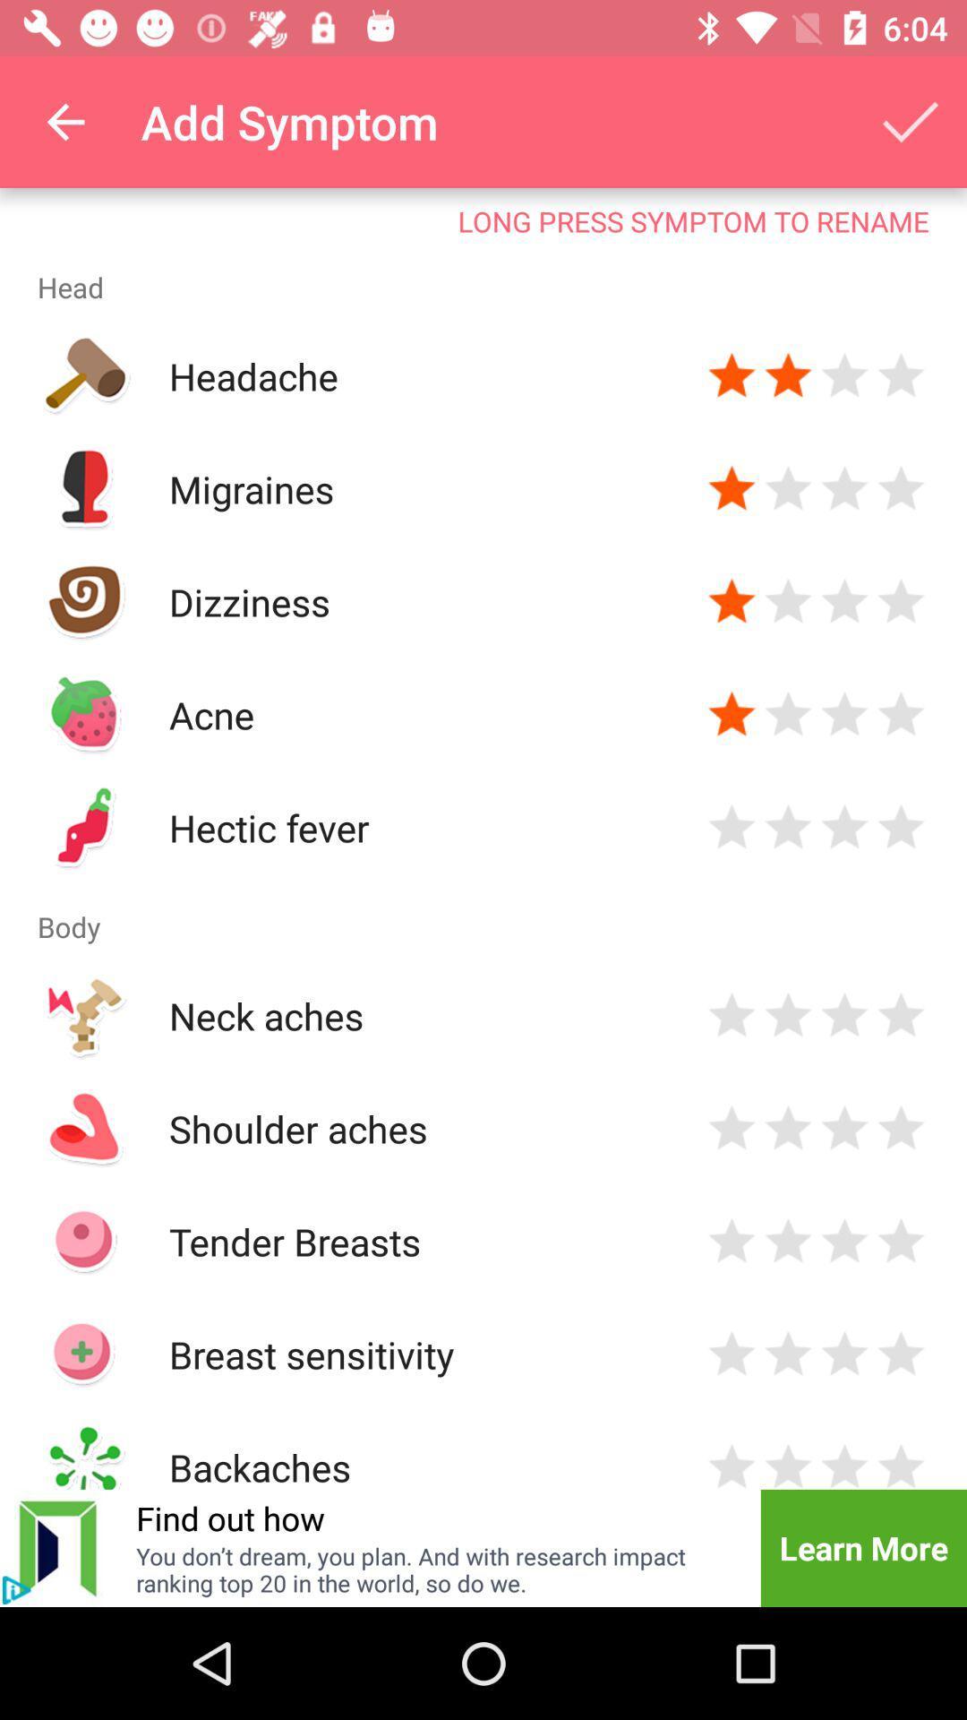 This screenshot has height=1720, width=967. I want to click on rate headache 2 stars, so click(787, 375).